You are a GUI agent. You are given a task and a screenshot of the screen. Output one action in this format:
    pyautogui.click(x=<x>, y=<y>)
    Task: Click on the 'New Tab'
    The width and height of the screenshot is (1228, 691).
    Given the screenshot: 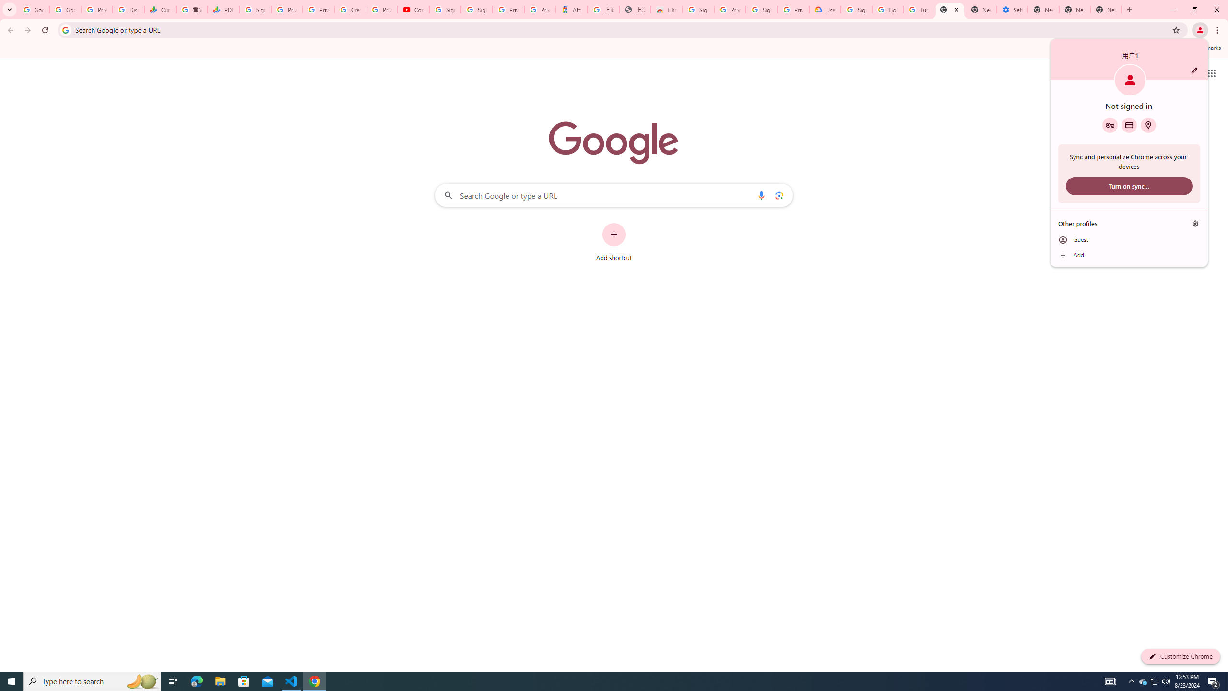 What is the action you would take?
    pyautogui.click(x=1105, y=9)
    